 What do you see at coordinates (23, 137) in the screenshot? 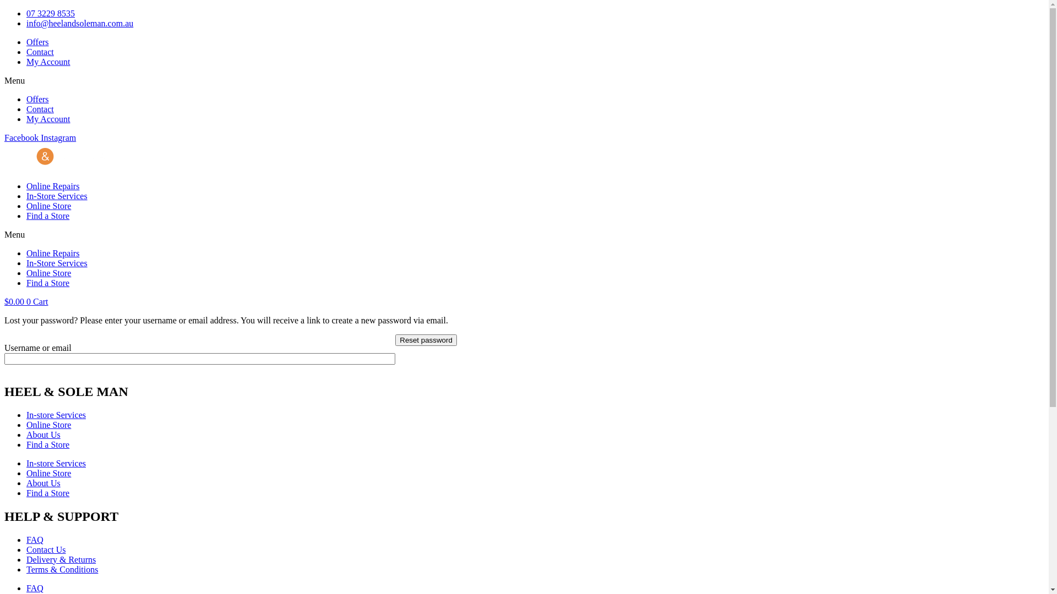
I see `'Facebook'` at bounding box center [23, 137].